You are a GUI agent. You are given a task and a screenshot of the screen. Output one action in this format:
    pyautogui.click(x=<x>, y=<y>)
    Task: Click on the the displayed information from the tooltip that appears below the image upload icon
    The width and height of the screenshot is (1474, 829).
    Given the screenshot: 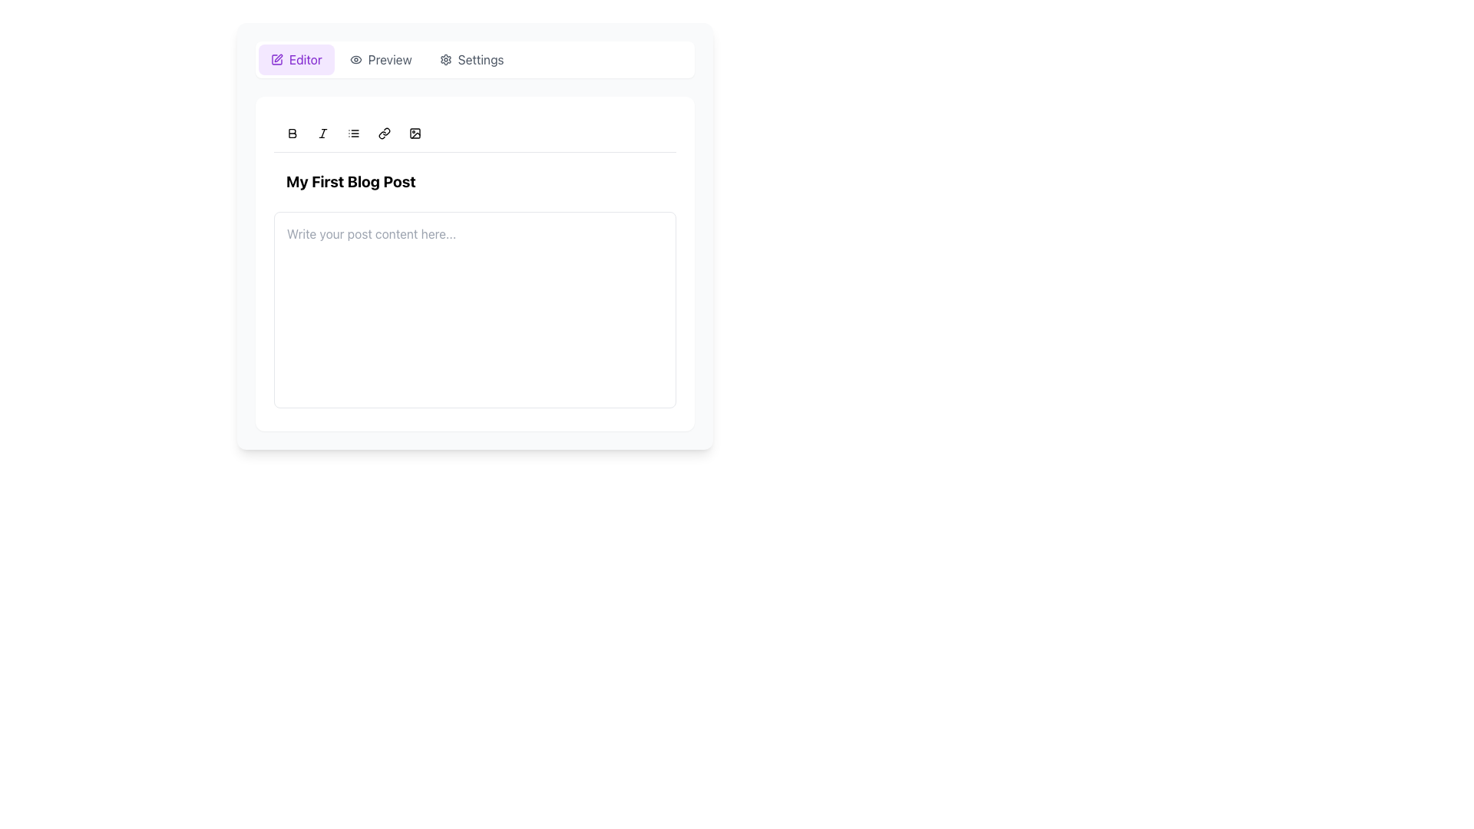 What is the action you would take?
    pyautogui.click(x=422, y=124)
    